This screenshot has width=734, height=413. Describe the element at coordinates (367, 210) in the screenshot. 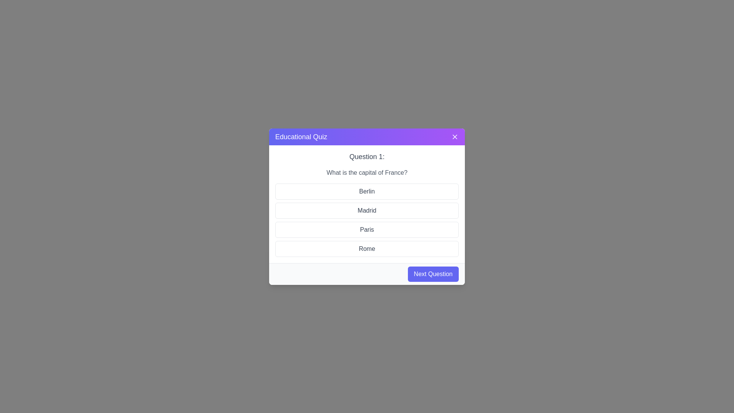

I see `the button labeled 'Madrid', which is the second of four vertically stacked buttons` at that location.